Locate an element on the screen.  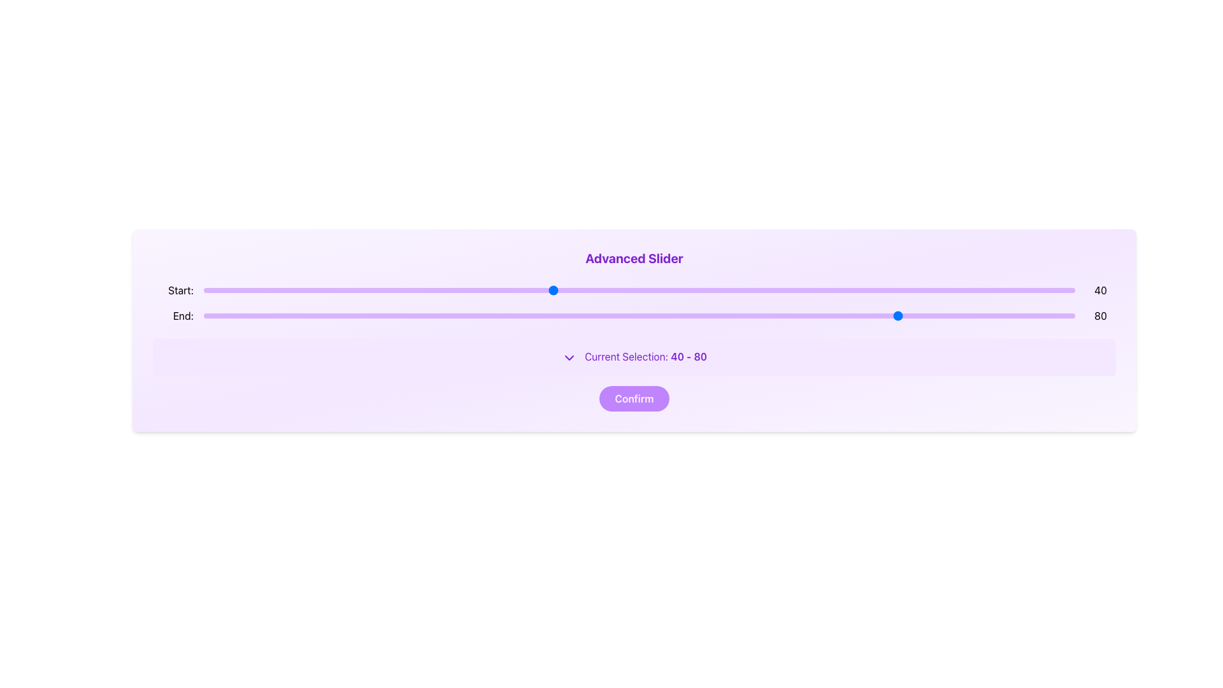
the start slider is located at coordinates (927, 290).